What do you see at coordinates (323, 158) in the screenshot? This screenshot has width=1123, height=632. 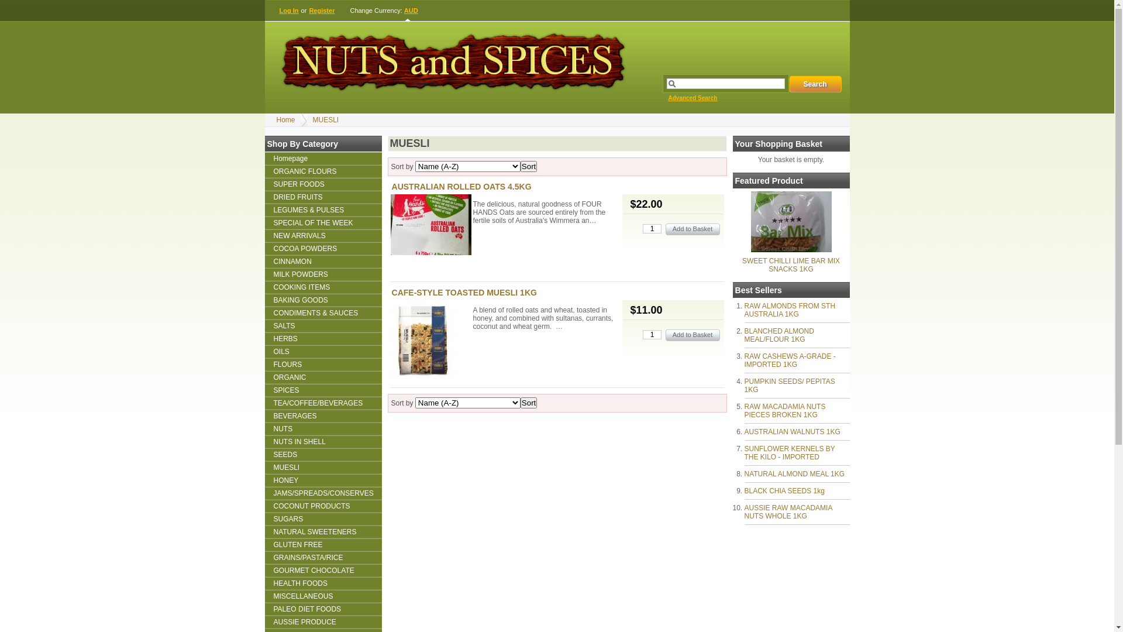 I see `'Homepage'` at bounding box center [323, 158].